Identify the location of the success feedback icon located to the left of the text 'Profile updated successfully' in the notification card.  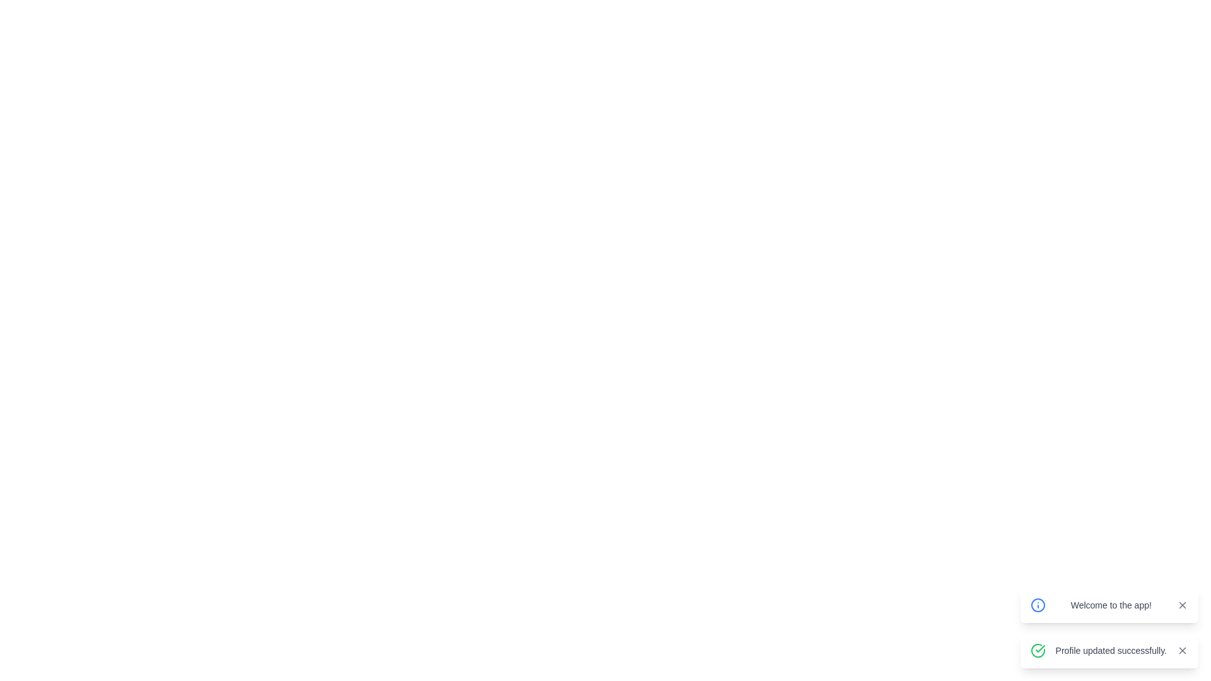
(1038, 651).